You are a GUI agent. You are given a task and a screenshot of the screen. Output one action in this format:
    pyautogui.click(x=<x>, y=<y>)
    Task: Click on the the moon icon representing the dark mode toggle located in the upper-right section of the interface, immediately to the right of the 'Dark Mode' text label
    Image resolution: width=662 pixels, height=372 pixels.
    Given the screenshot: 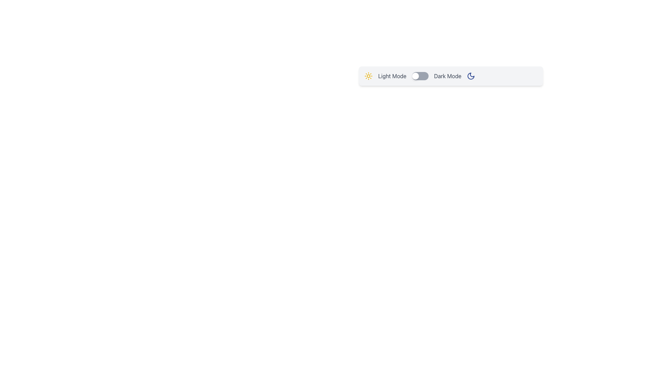 What is the action you would take?
    pyautogui.click(x=471, y=76)
    